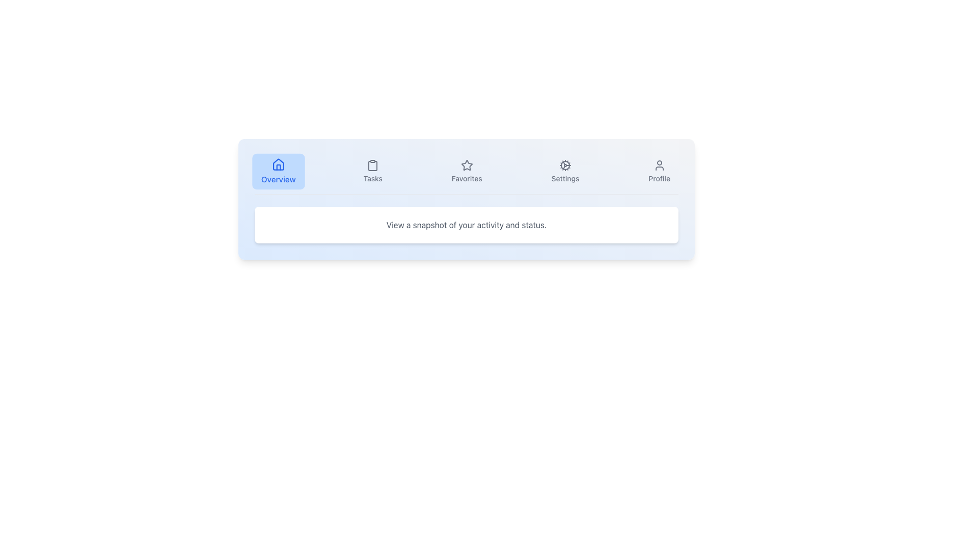  Describe the element at coordinates (565, 178) in the screenshot. I see `the text label located beneath the cogwheel icon in the horizontal navigation menu, which is the fourth item from the left` at that location.